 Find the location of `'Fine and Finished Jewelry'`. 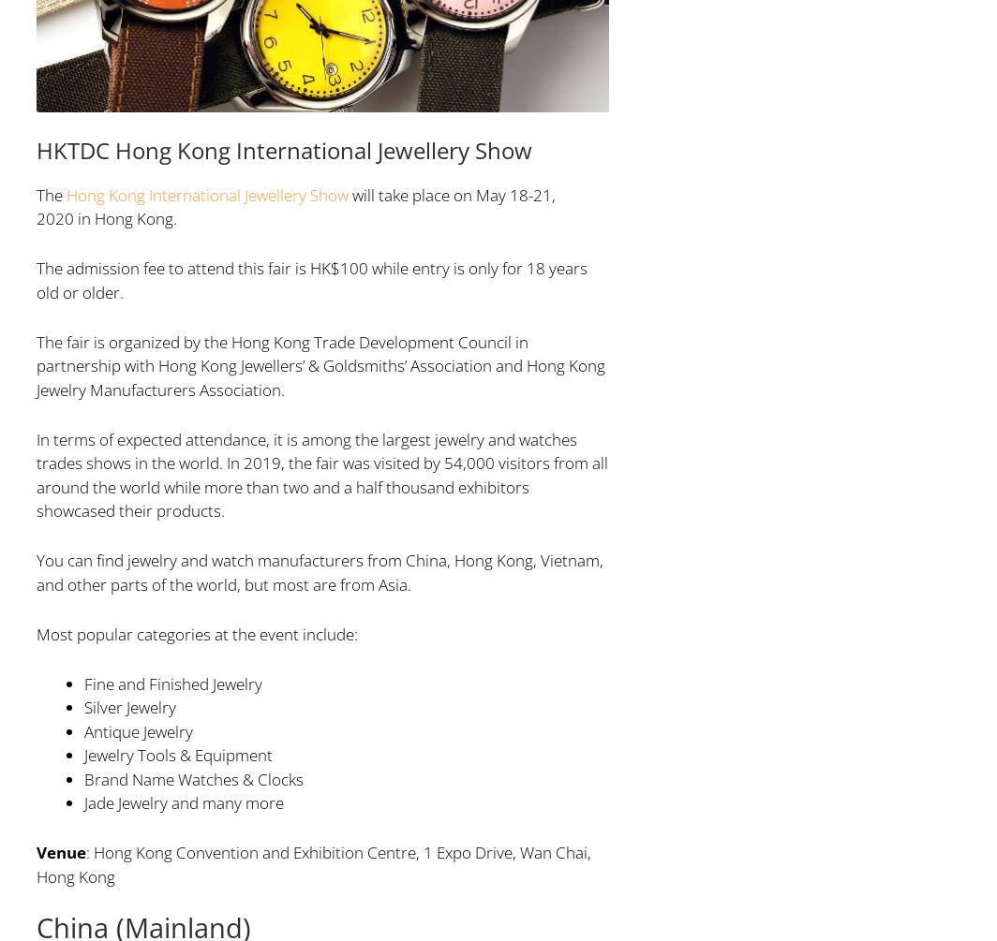

'Fine and Finished Jewelry' is located at coordinates (82, 683).